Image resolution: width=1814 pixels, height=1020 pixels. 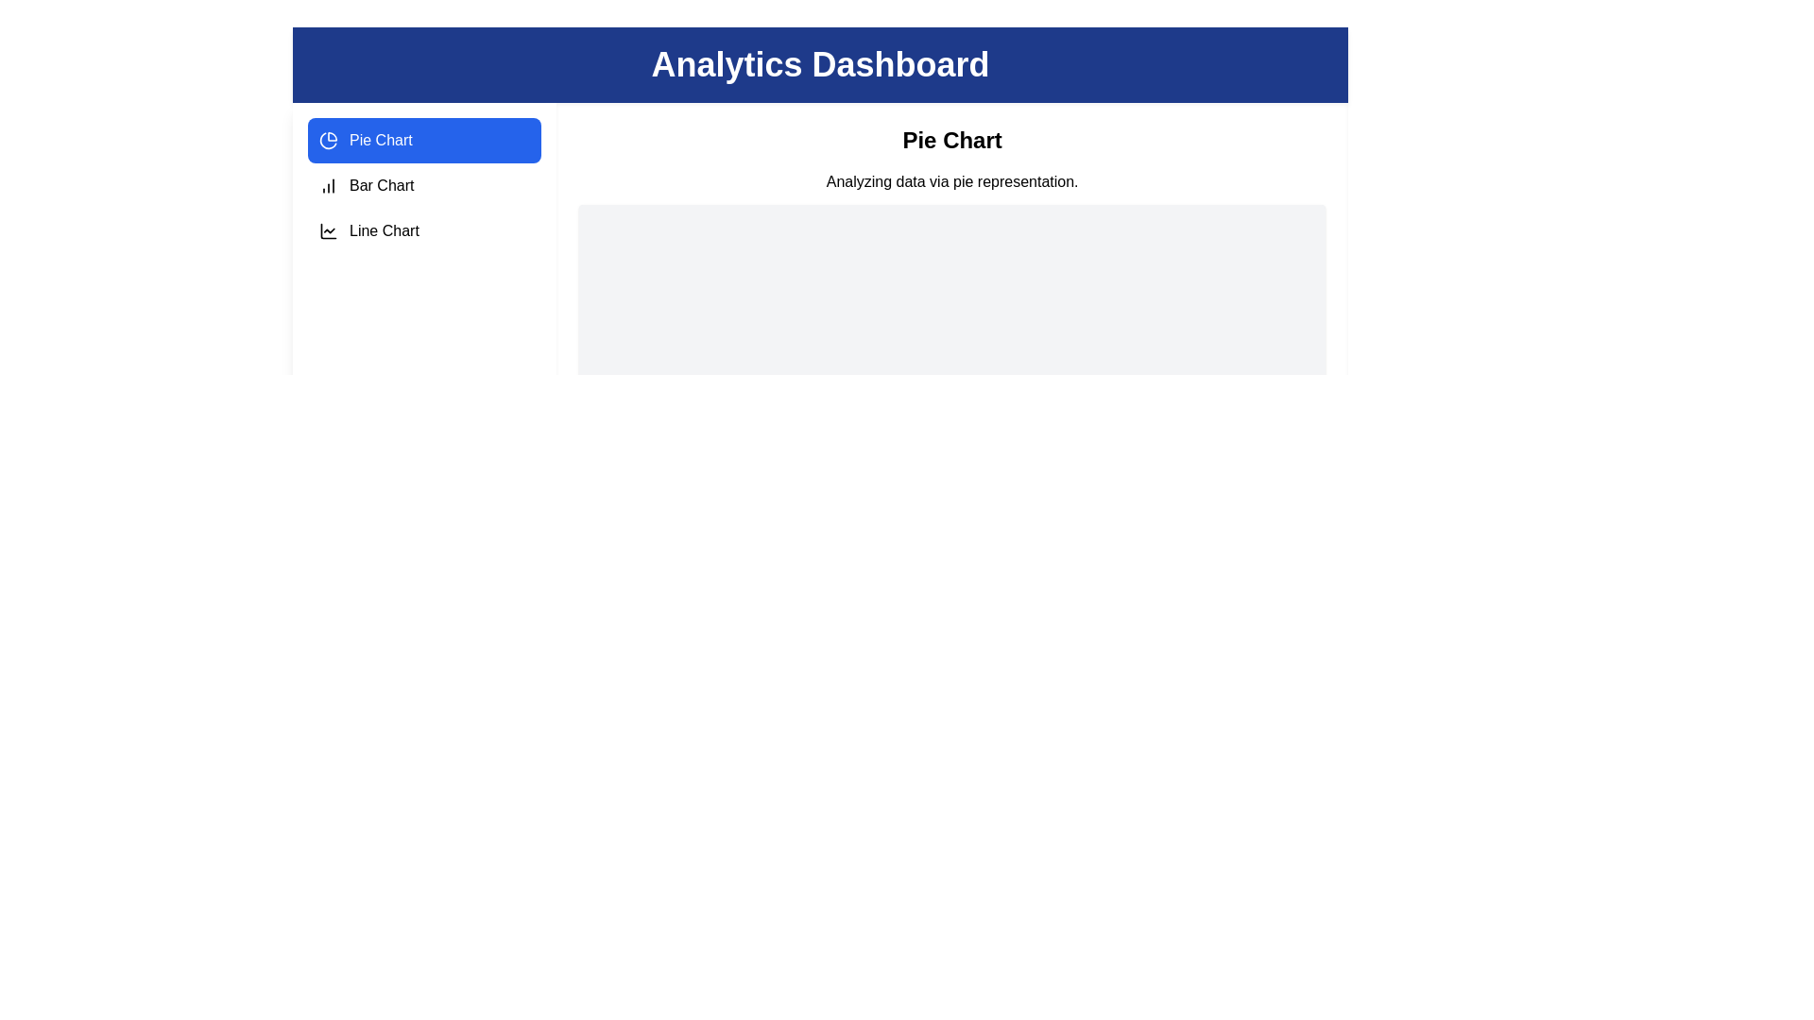 What do you see at coordinates (423, 140) in the screenshot?
I see `the tab labeled Pie Chart in the sidebar` at bounding box center [423, 140].